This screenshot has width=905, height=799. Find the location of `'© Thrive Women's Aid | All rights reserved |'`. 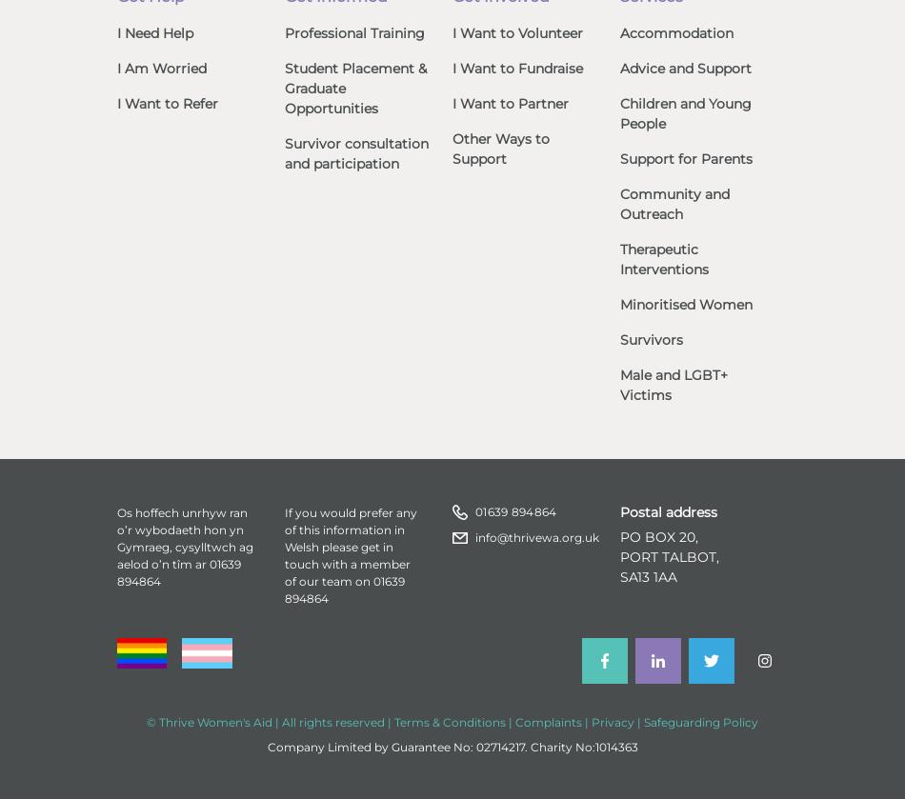

'© Thrive Women's Aid | All rights reserved |' is located at coordinates (269, 720).